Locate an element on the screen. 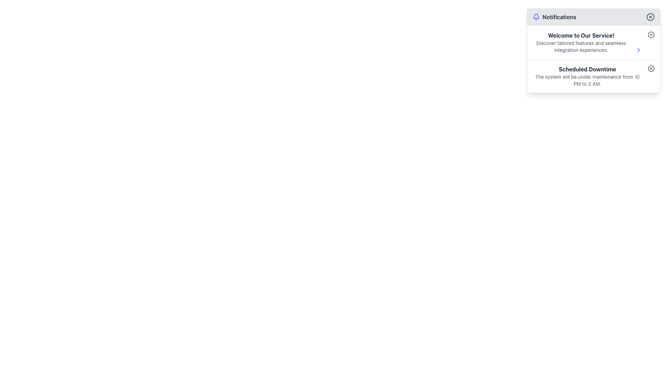 The width and height of the screenshot is (669, 376). bold heading text 'Welcome to Our Service!' located at the top of the notification card is located at coordinates (581, 35).